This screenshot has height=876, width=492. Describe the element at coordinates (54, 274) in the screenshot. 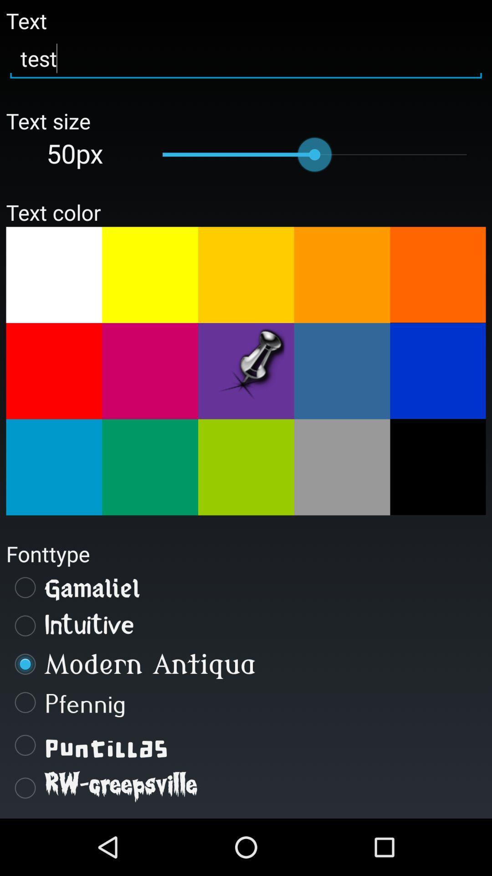

I see `text color white` at that location.